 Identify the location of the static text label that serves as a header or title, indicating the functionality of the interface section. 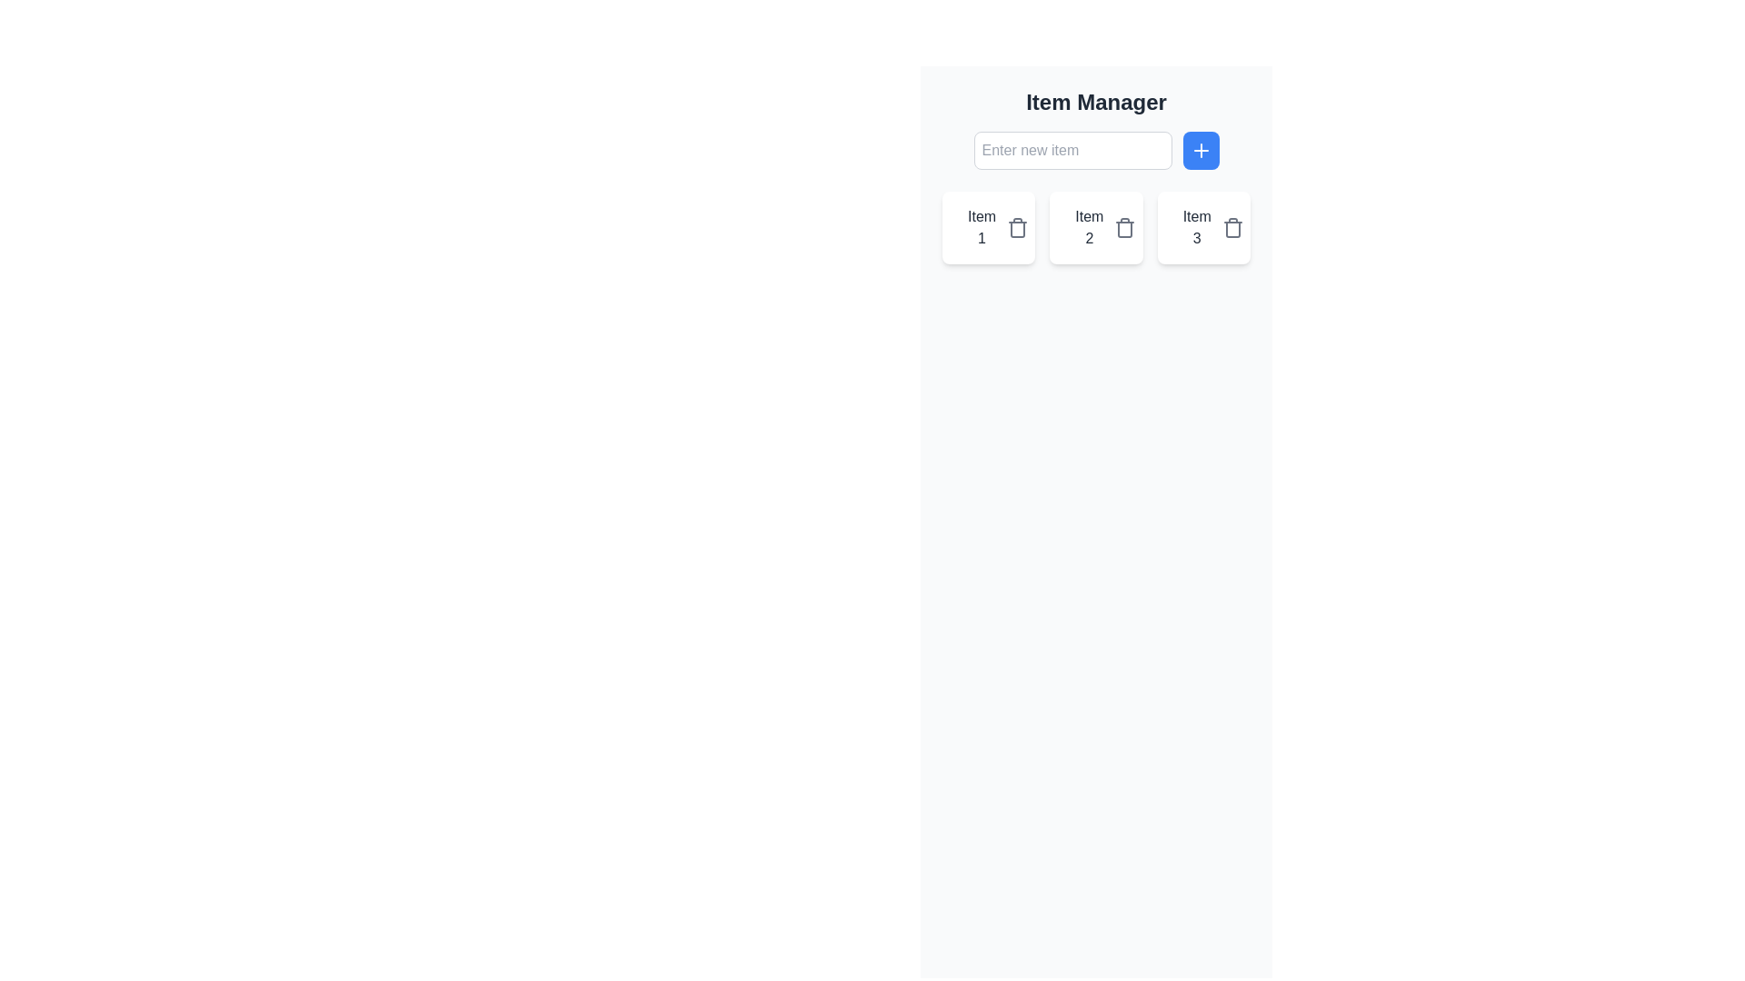
(1095, 102).